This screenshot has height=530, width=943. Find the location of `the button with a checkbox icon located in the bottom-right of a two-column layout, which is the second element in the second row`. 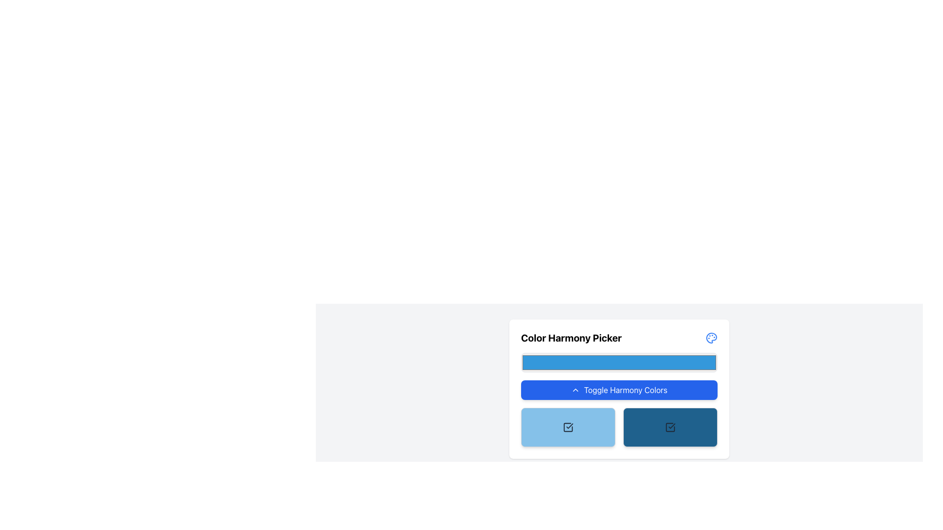

the button with a checkbox icon located in the bottom-right of a two-column layout, which is the second element in the second row is located at coordinates (669, 427).